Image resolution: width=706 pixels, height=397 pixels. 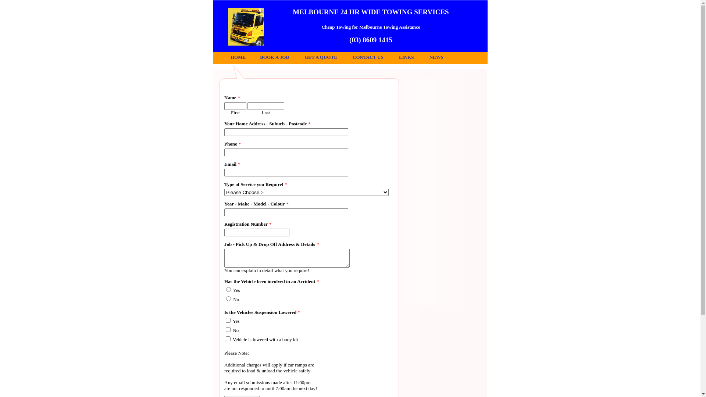 What do you see at coordinates (436, 57) in the screenshot?
I see `'NEWS'` at bounding box center [436, 57].